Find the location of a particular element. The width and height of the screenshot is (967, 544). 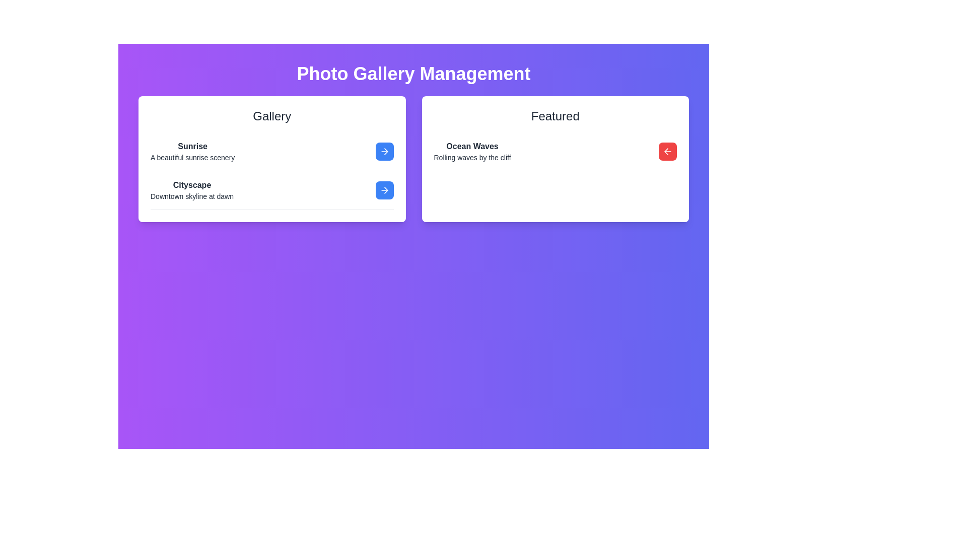

the arrow icon located to the right of the 'Cityscape' label in the second item of the 'Gallery' section is located at coordinates (385, 151).